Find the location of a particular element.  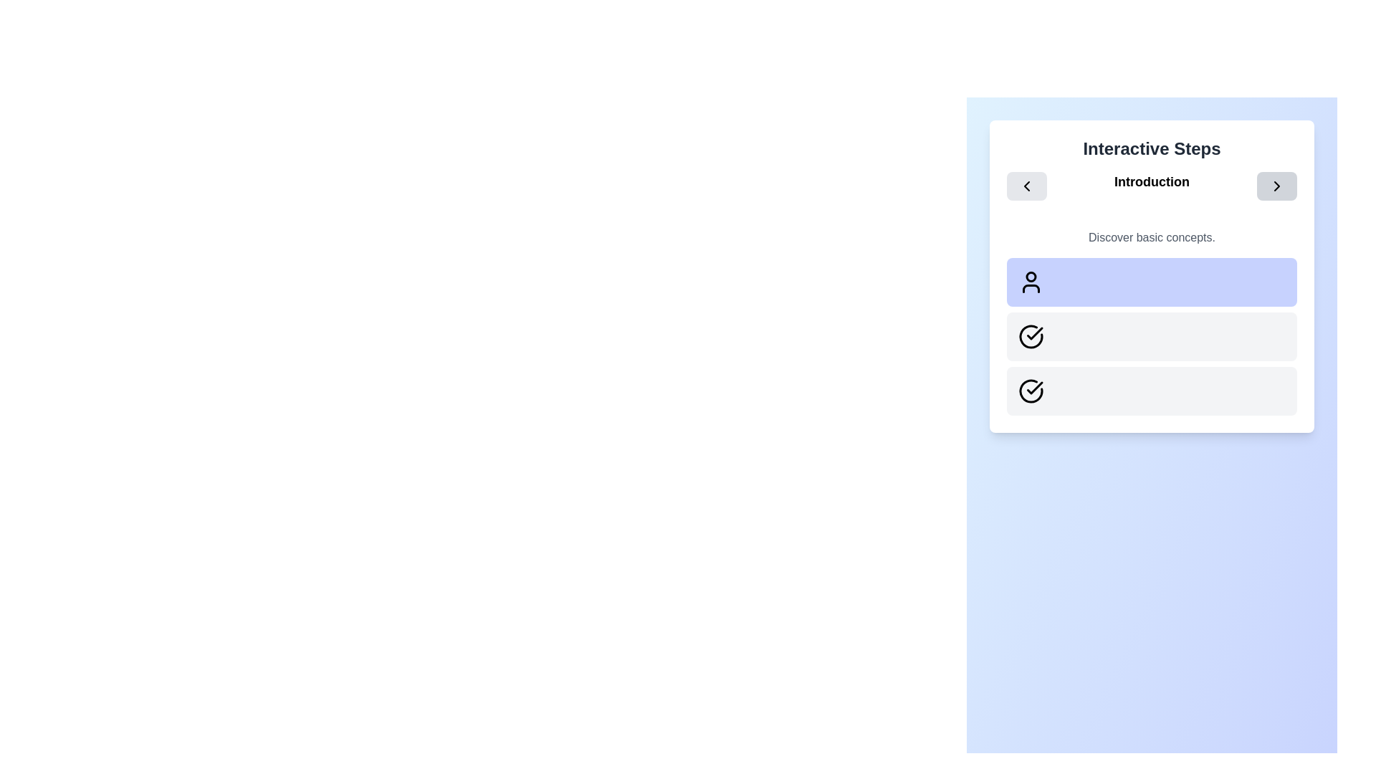

the primary heading text located at the top of the panel with a white background and rounded corners is located at coordinates (1152, 149).